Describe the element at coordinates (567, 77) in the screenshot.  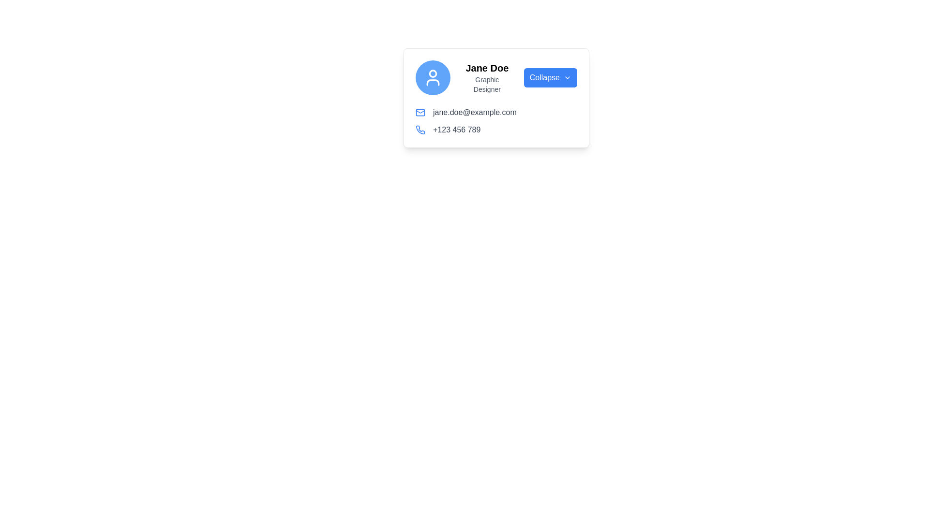
I see `the small downward-facing chevron icon located within the blue 'Collapse' button at the top-right corner of the card` at that location.